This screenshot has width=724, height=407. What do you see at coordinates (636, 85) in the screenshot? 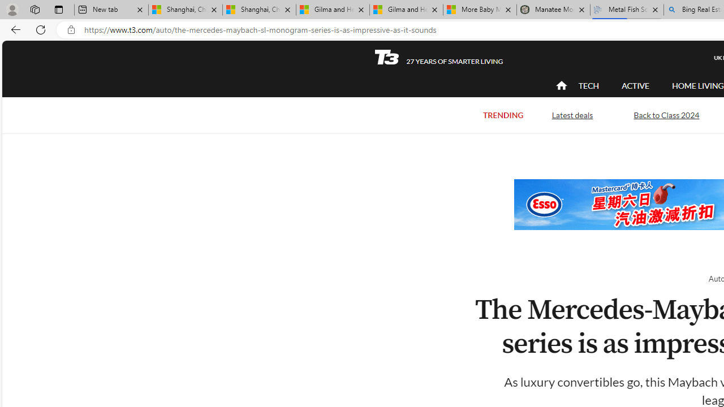
I see `'ACTIVE'` at bounding box center [636, 85].